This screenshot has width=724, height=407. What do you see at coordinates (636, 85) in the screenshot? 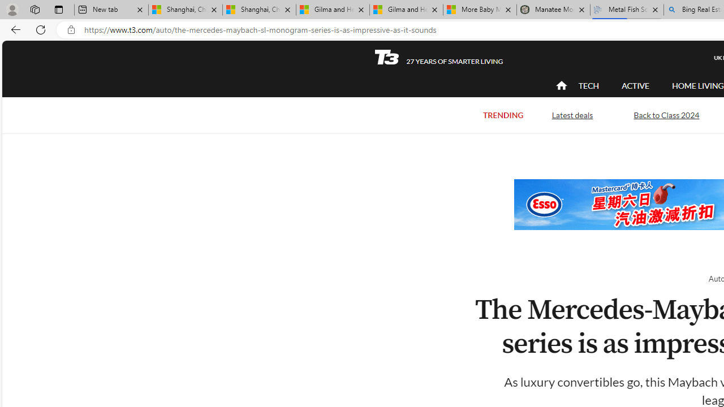
I see `'ACTIVE'` at bounding box center [636, 85].